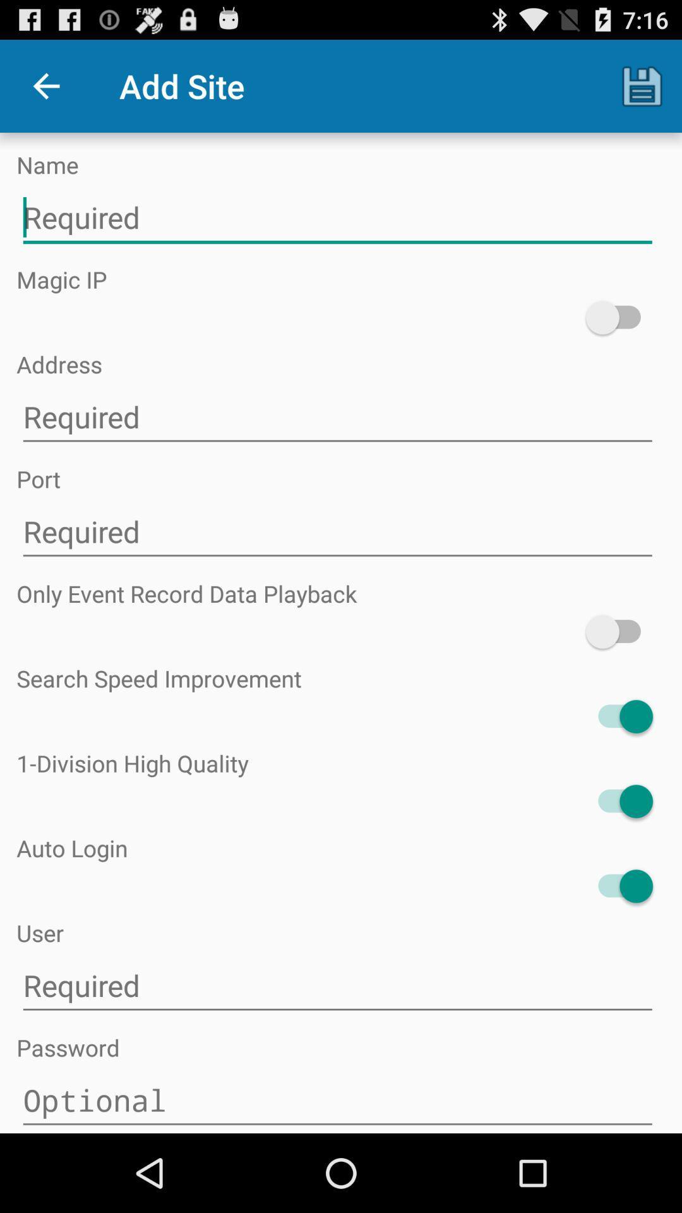 The height and width of the screenshot is (1213, 682). What do you see at coordinates (618, 800) in the screenshot?
I see `the item below the 1 division high icon` at bounding box center [618, 800].